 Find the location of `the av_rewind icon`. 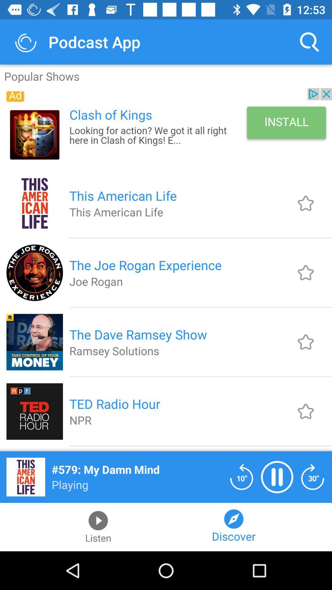

the av_rewind icon is located at coordinates (241, 477).